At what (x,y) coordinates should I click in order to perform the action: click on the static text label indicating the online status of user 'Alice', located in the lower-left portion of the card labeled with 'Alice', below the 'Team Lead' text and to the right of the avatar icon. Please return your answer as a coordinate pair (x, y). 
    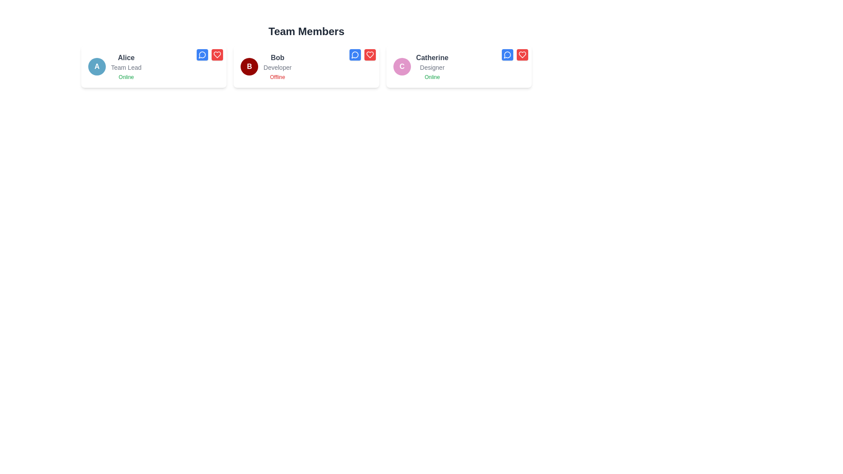
    Looking at the image, I should click on (126, 77).